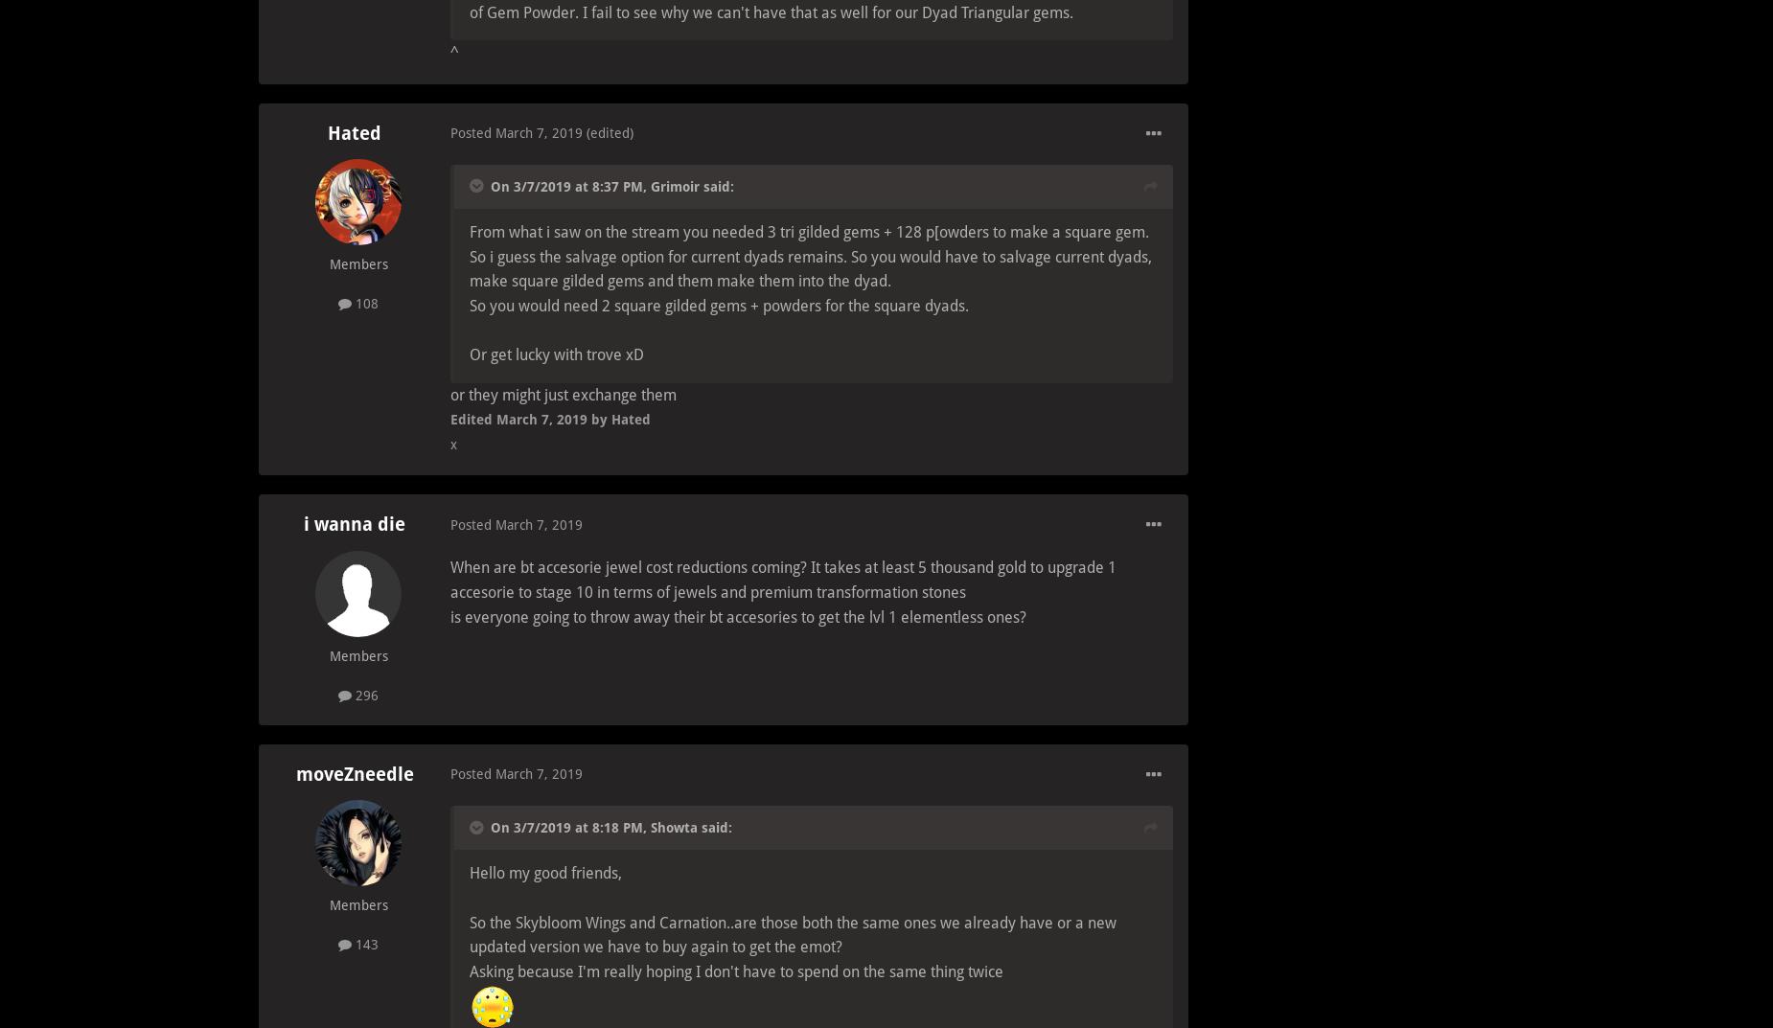 The image size is (1773, 1028). I want to click on 'moveZneedle', so click(353, 773).